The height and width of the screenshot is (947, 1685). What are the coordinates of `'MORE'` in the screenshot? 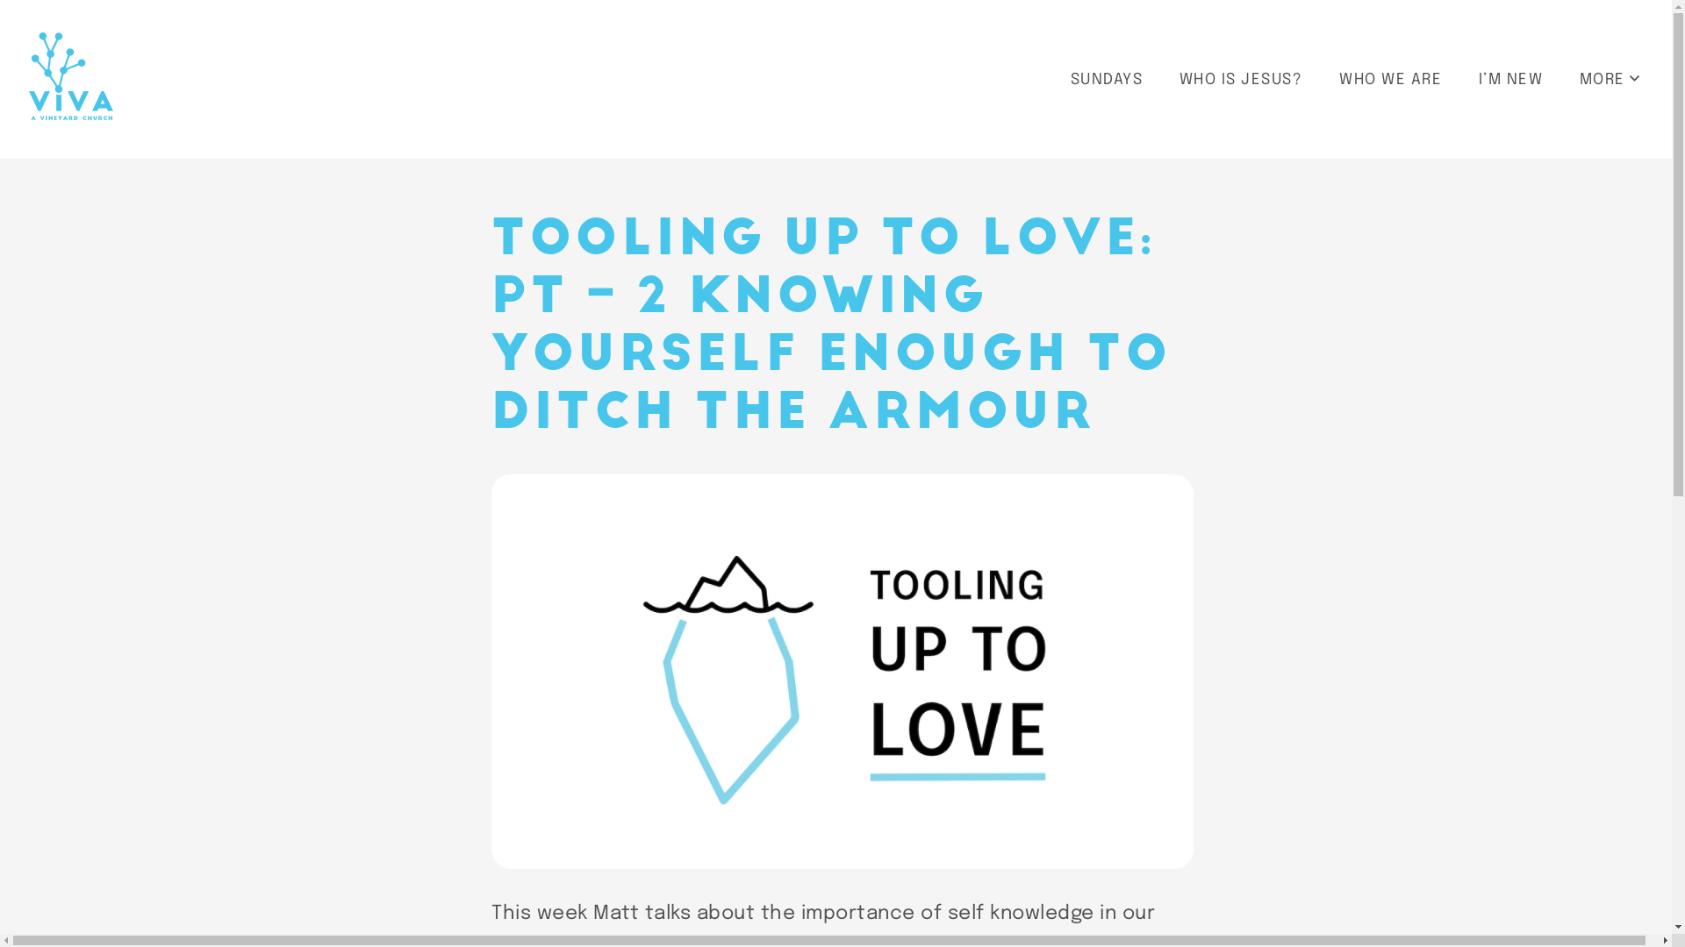 It's located at (1610, 79).